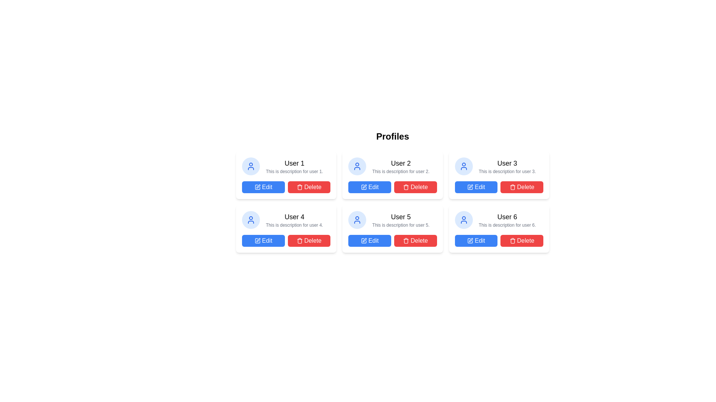  I want to click on the user information text display in the leftmost column of the second row of user cards, which identifies the user with their name and a brief description, so click(294, 219).